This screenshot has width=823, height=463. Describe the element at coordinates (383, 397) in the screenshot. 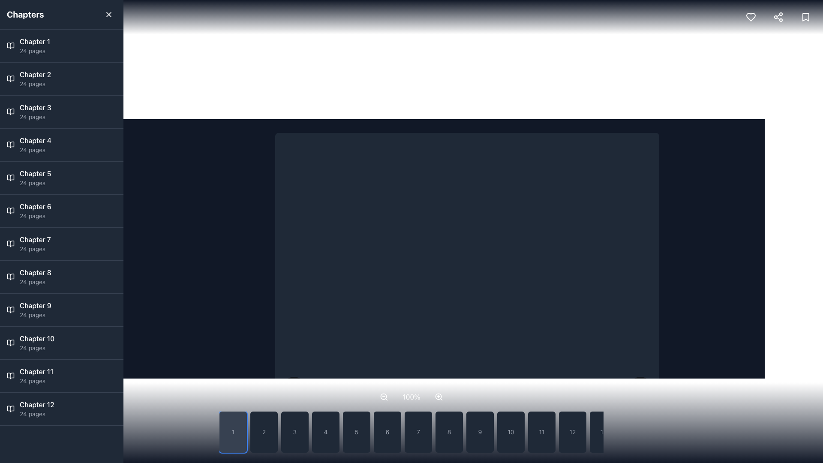

I see `the central circular shape of the decorative 'zoom-out' SVG icon located in the lower part of the interface` at that location.